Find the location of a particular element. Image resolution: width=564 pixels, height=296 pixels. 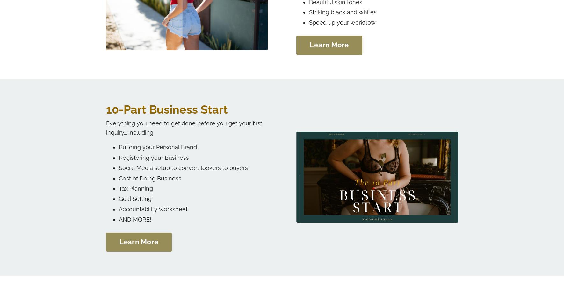

'Everything you need to get done before you get your first inquiry... including' is located at coordinates (184, 128).